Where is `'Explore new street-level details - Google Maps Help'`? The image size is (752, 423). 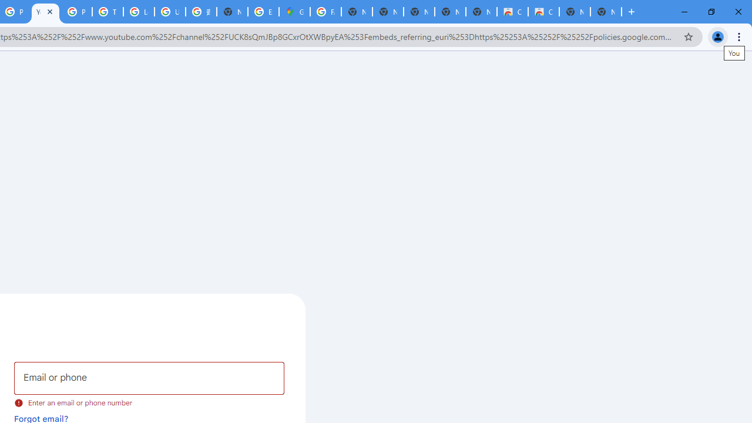 'Explore new street-level details - Google Maps Help' is located at coordinates (263, 12).